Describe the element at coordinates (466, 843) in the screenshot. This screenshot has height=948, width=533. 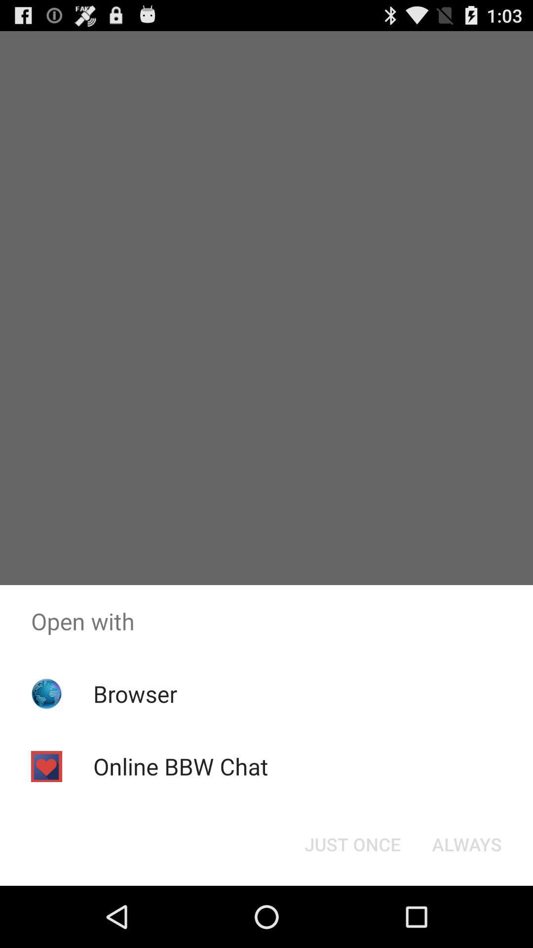
I see `the always` at that location.